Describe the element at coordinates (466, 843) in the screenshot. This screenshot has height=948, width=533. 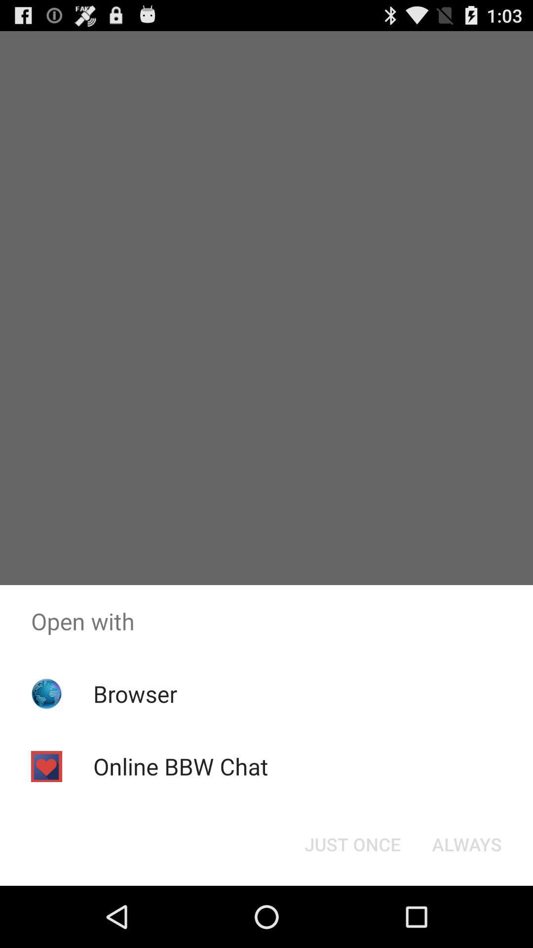
I see `the always` at that location.